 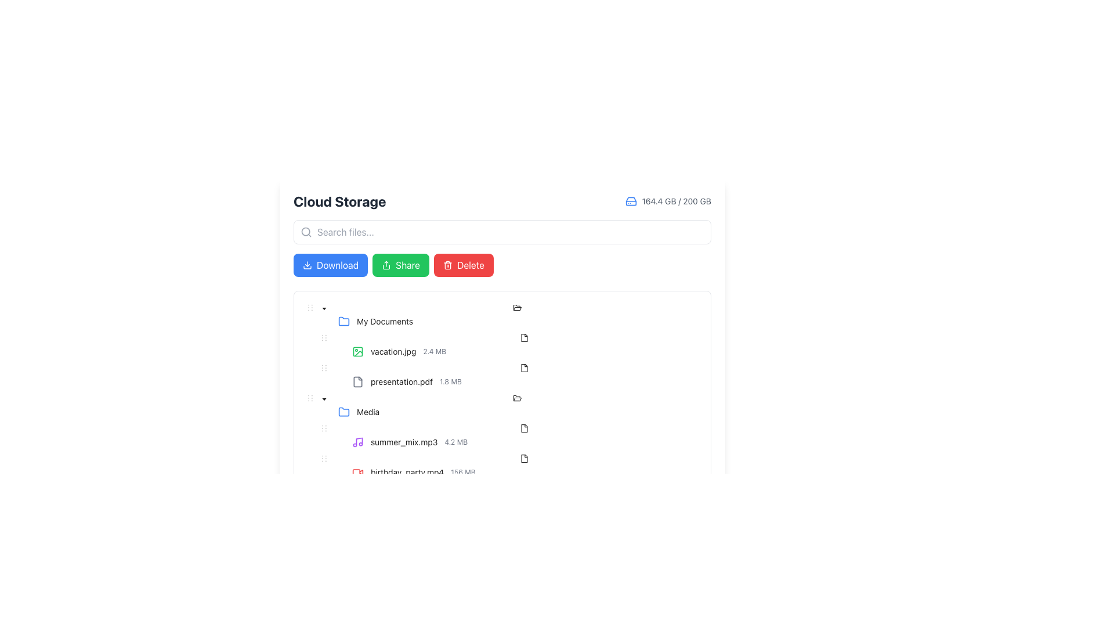 I want to click on the blue outlined folder icon located to the left of the bold-text label 'My Documents', so click(x=343, y=322).